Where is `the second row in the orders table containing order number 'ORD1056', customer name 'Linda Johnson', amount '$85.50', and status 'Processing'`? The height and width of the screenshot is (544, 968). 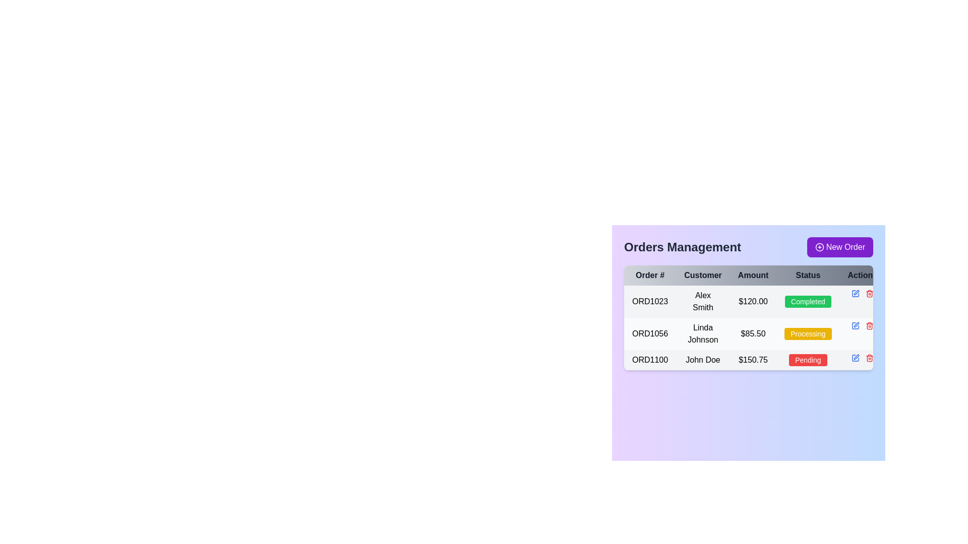
the second row in the orders table containing order number 'ORD1056', customer name 'Linda Johnson', amount '$85.50', and status 'Processing' is located at coordinates (755, 334).